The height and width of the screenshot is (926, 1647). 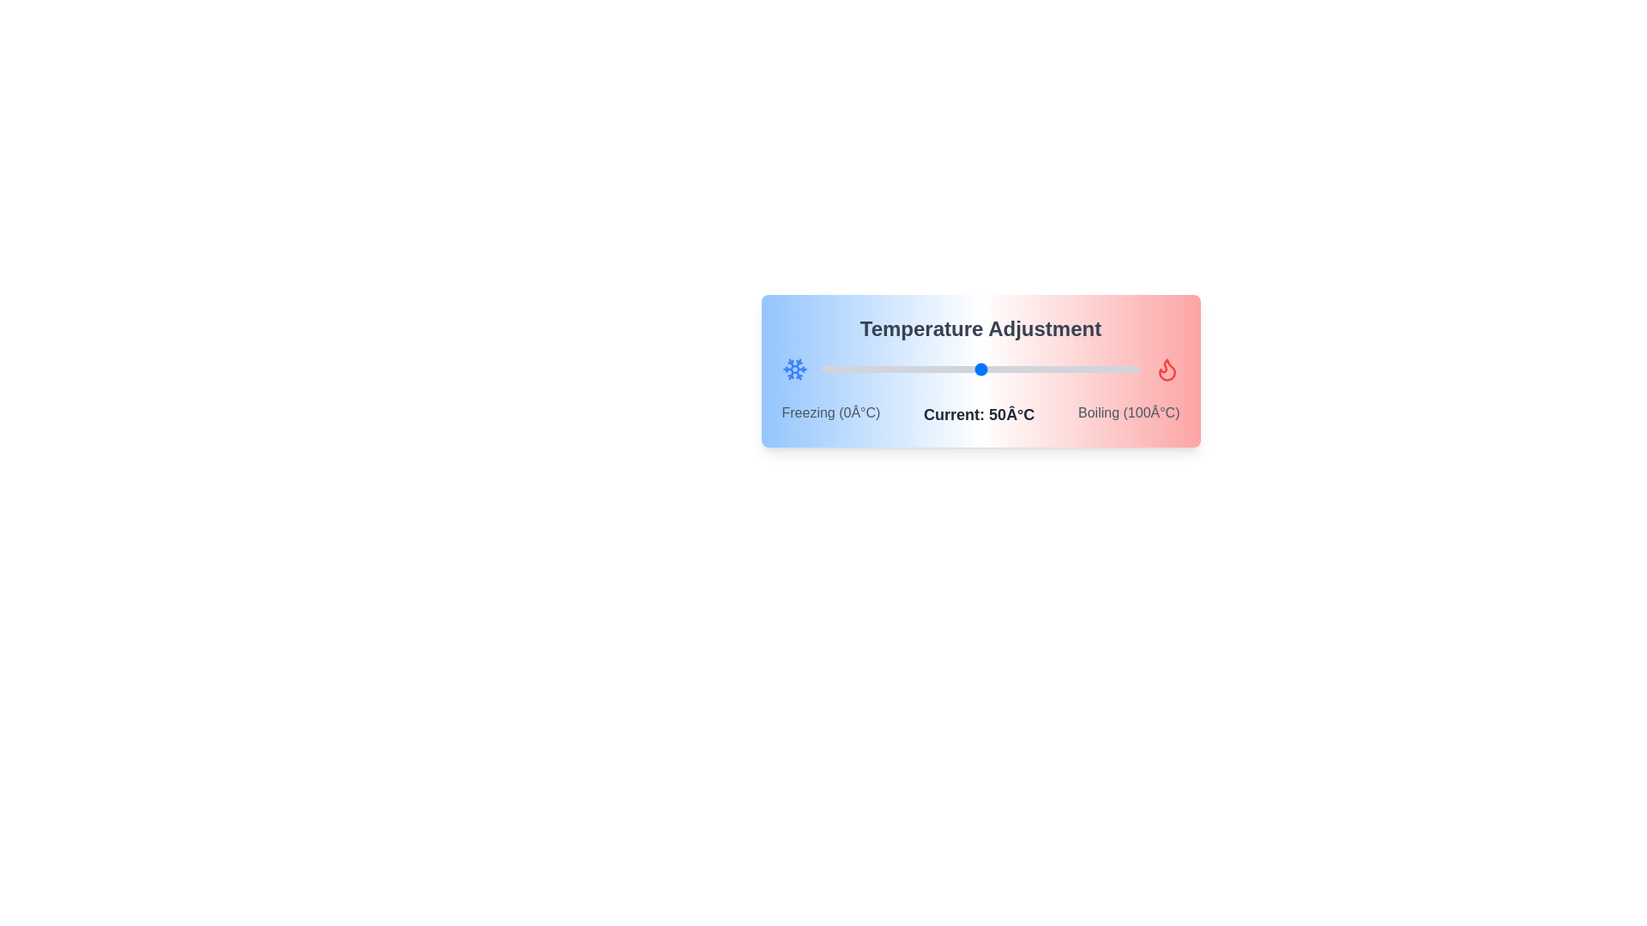 I want to click on the temperature slider to 68°C, so click(x=1037, y=369).